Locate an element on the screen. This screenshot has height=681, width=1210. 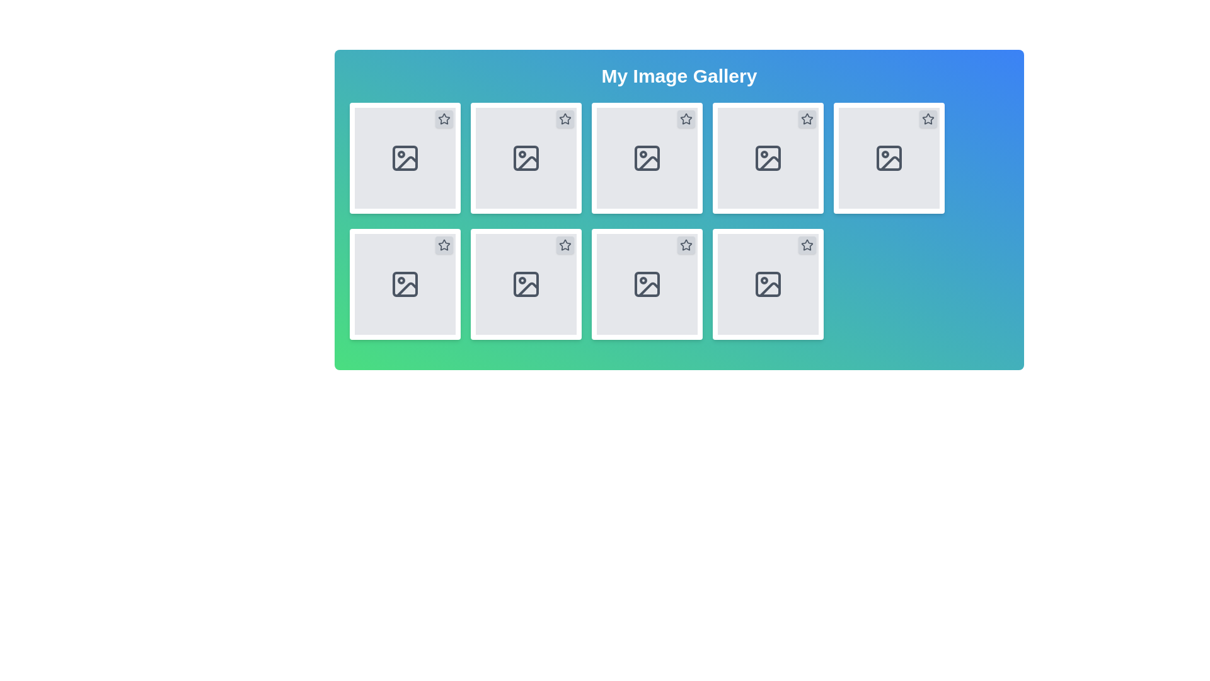
the outlined star icon located in the upper-right corner of the second tile in the first row of the grid layout is located at coordinates (565, 119).